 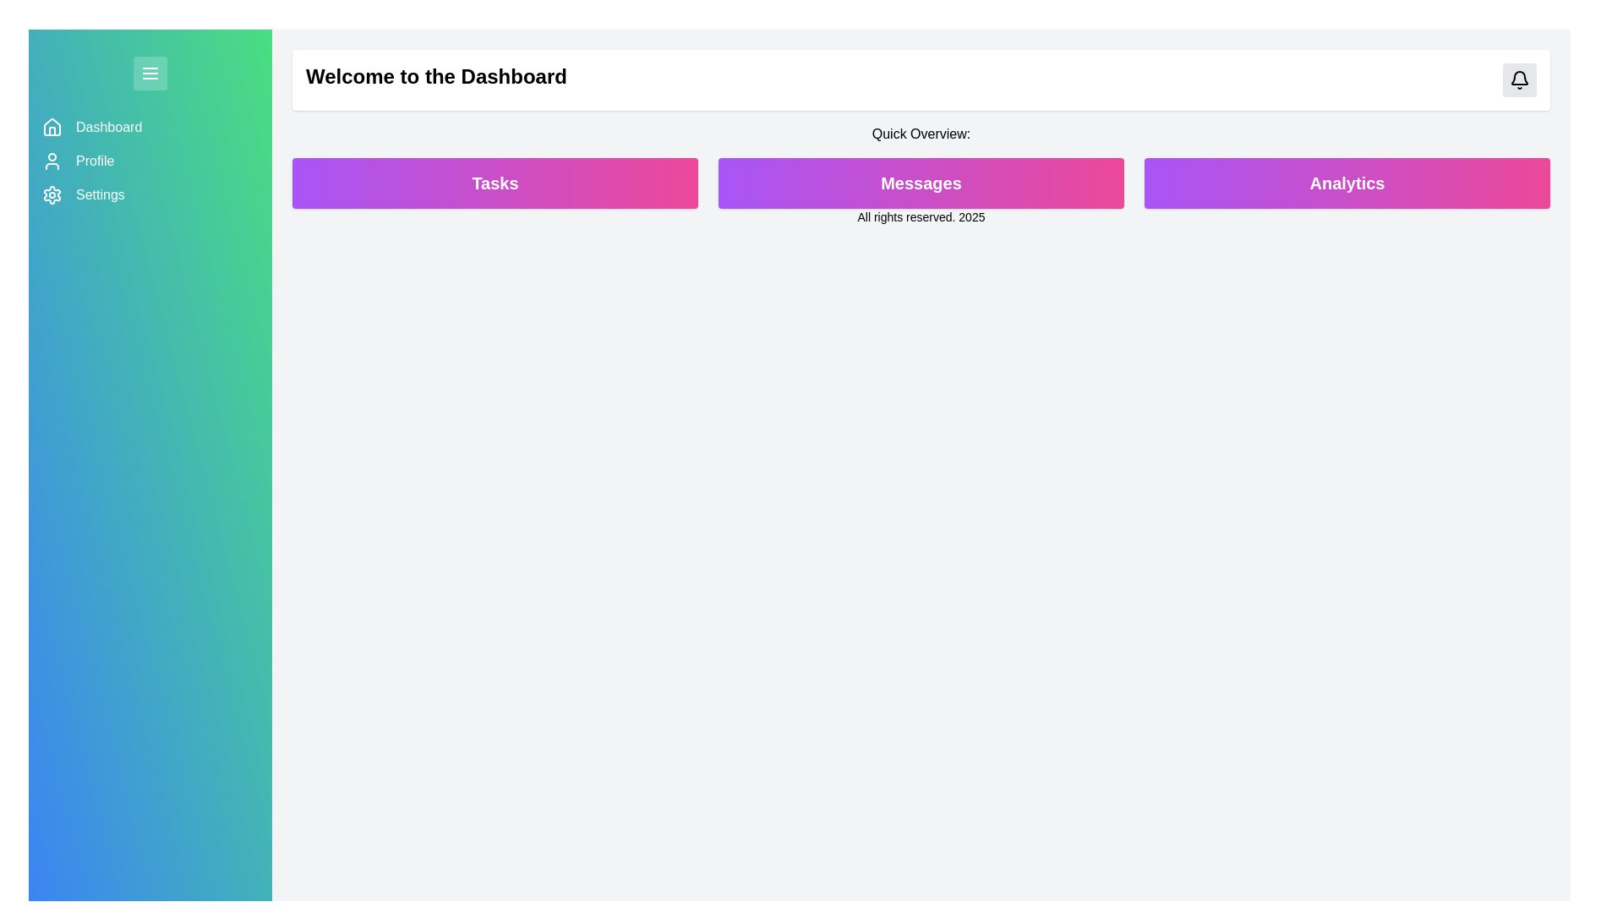 What do you see at coordinates (150, 73) in the screenshot?
I see `the toggle button located at the top-left corner of the vertical navigation bar` at bounding box center [150, 73].